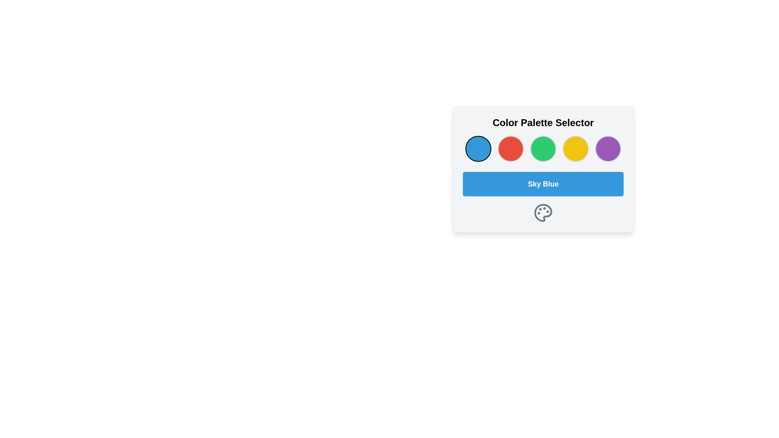 The height and width of the screenshot is (438, 779). What do you see at coordinates (543, 184) in the screenshot?
I see `the 'Sky Blue' text label indicating the selected color, located centrally at the bottom of the Color Palette Selector panel` at bounding box center [543, 184].